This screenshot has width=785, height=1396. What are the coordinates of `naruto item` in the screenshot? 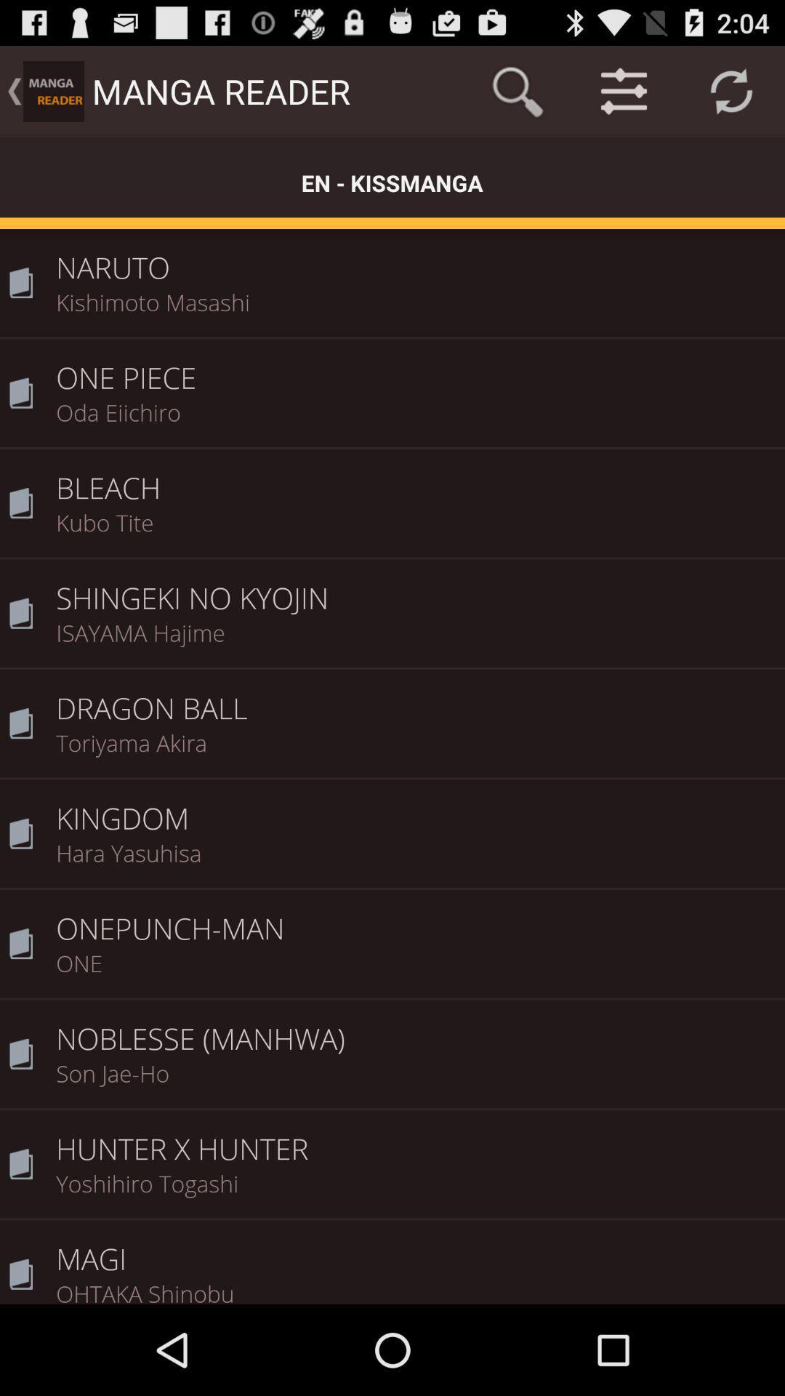 It's located at (415, 257).